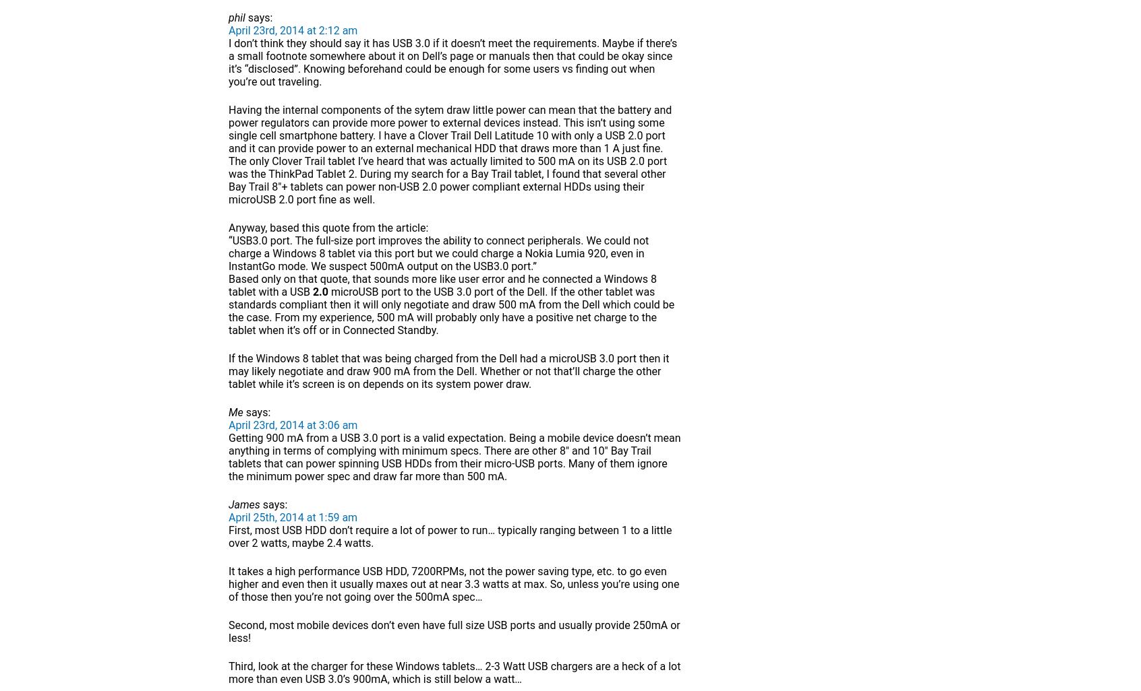  I want to click on 'Me', so click(235, 412).